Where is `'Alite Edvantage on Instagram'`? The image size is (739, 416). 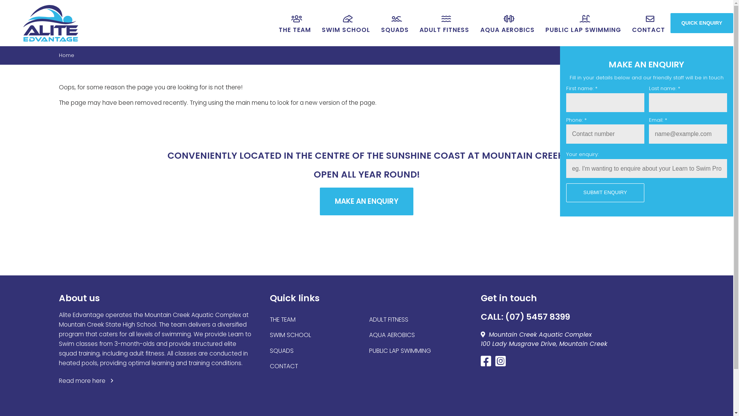
'Alite Edvantage on Instagram' is located at coordinates (502, 363).